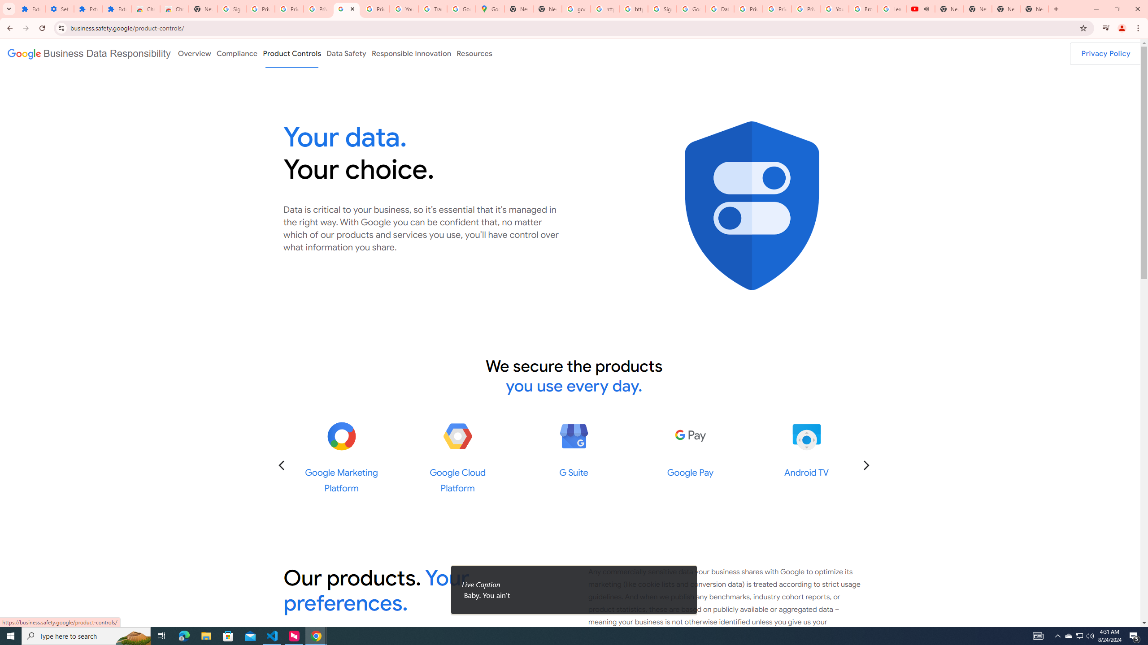  What do you see at coordinates (1106, 28) in the screenshot?
I see `'Control your music, videos, and more'` at bounding box center [1106, 28].